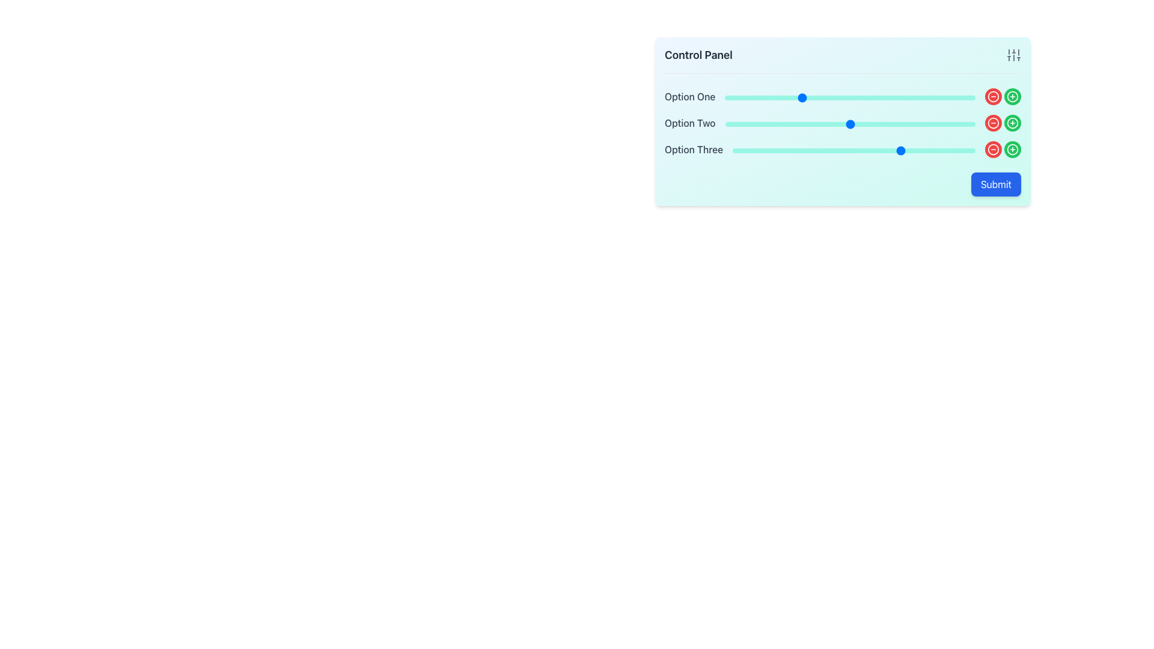  I want to click on the slider value, so click(734, 150).